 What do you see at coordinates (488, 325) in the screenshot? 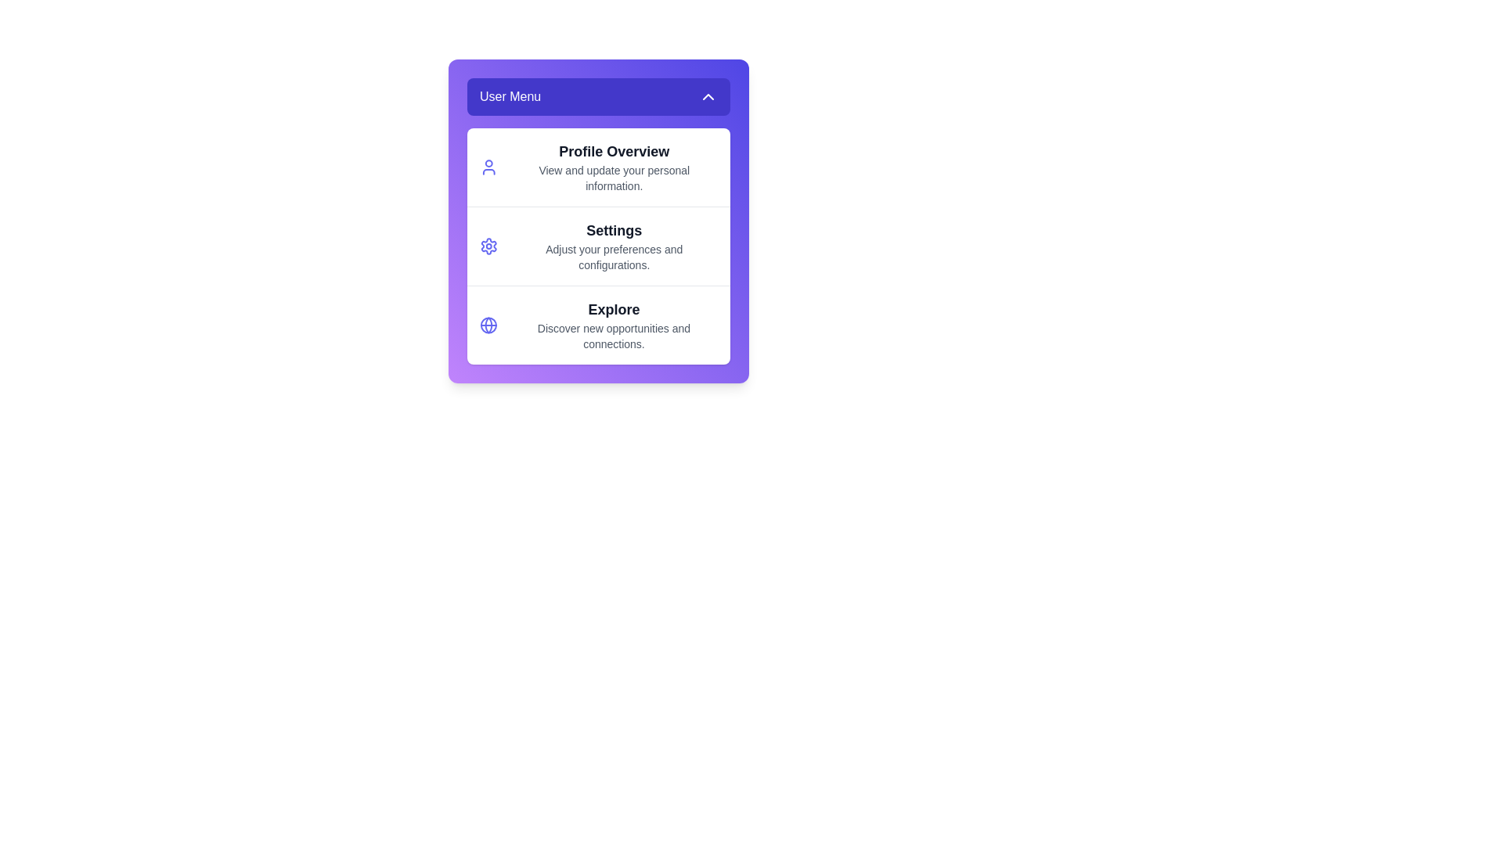
I see `the globe icon representing the 'Explore' section, which is located to the left of the 'Explore' header text in the user menu panel` at bounding box center [488, 325].